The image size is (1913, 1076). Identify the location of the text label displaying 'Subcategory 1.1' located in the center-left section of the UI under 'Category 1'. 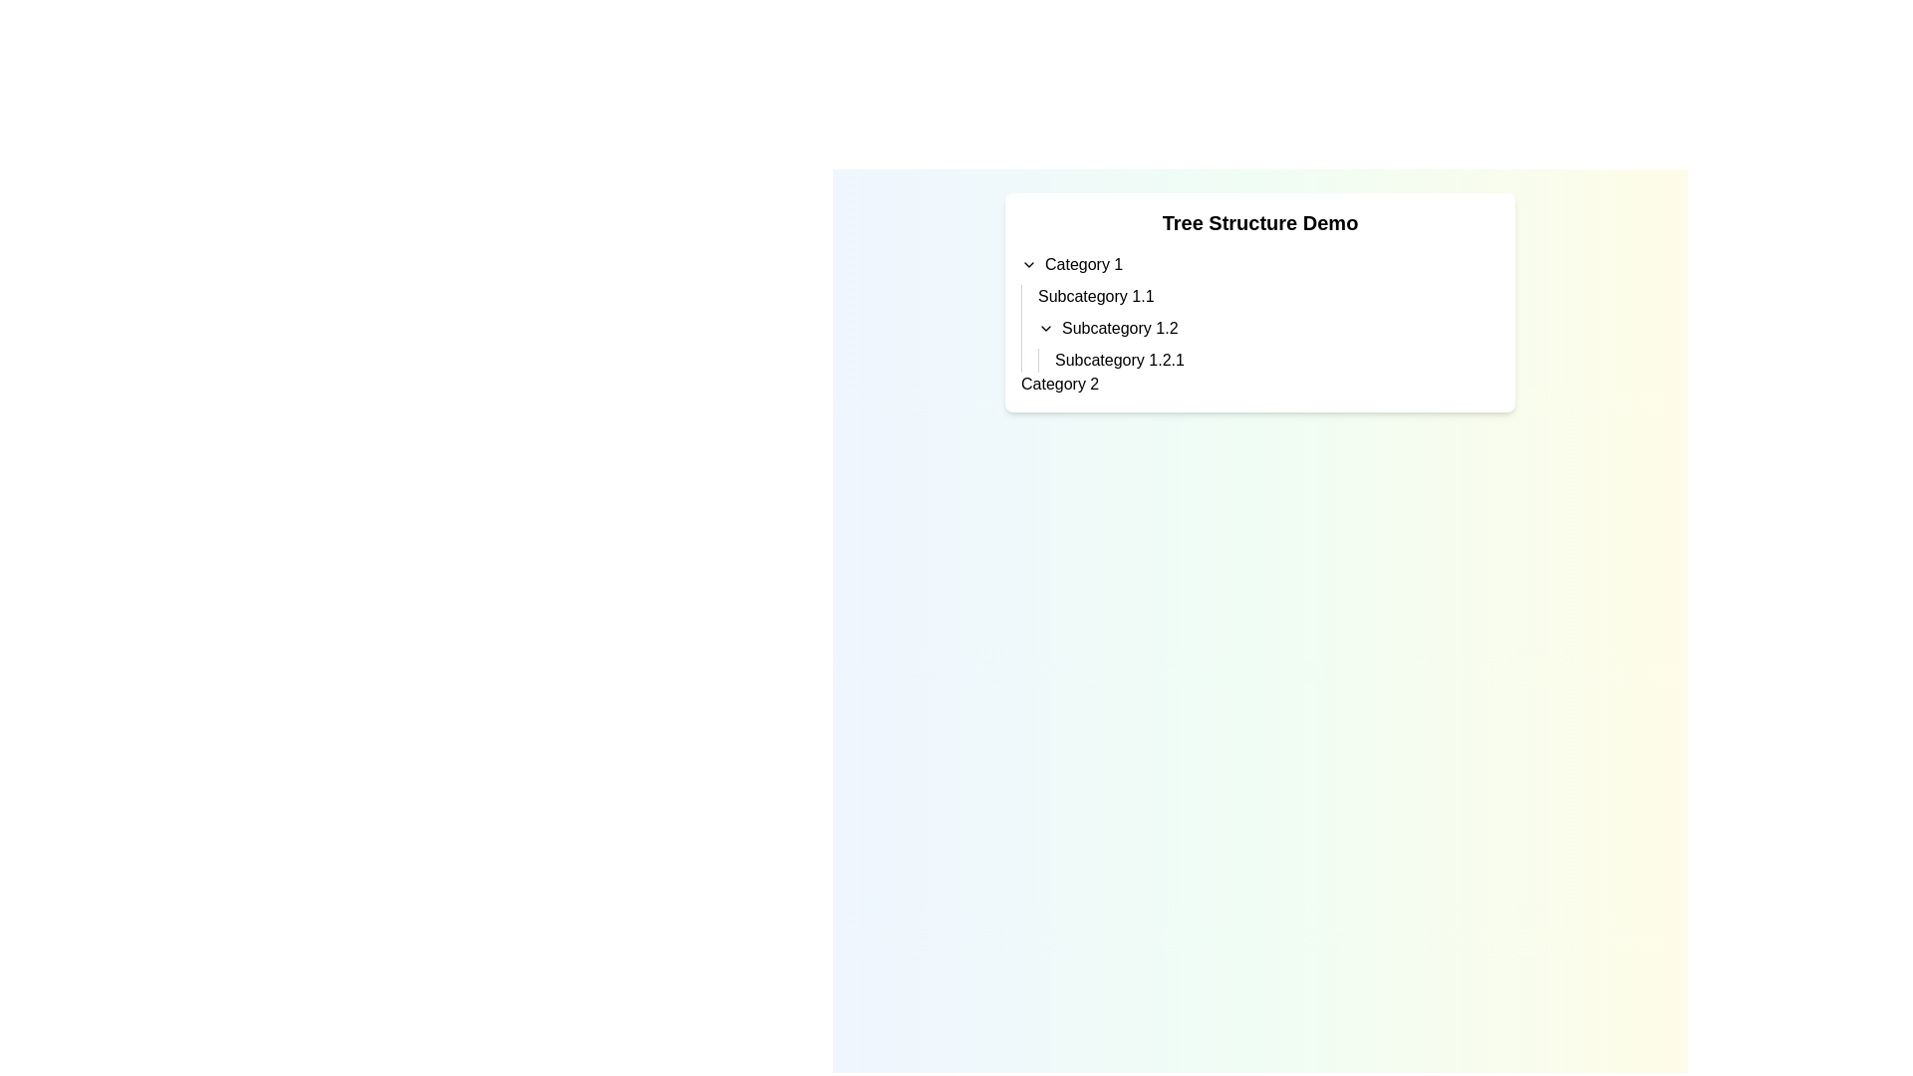
(1095, 296).